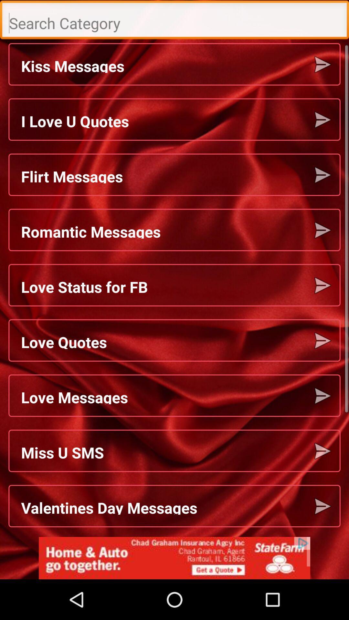  I want to click on search field, so click(174, 21).